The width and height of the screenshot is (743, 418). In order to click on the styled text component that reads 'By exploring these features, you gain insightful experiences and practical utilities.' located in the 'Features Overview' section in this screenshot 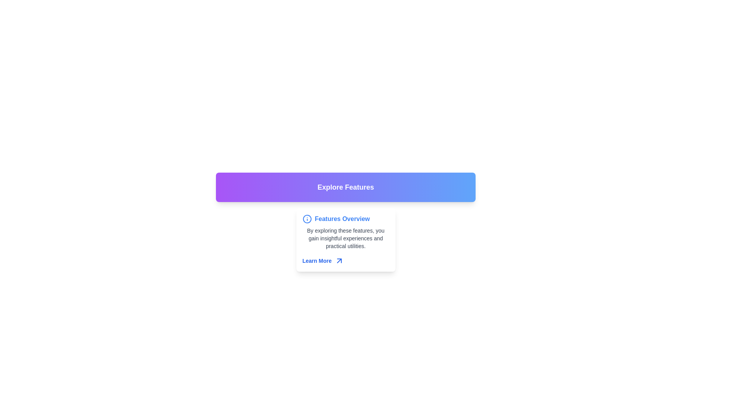, I will do `click(345, 238)`.